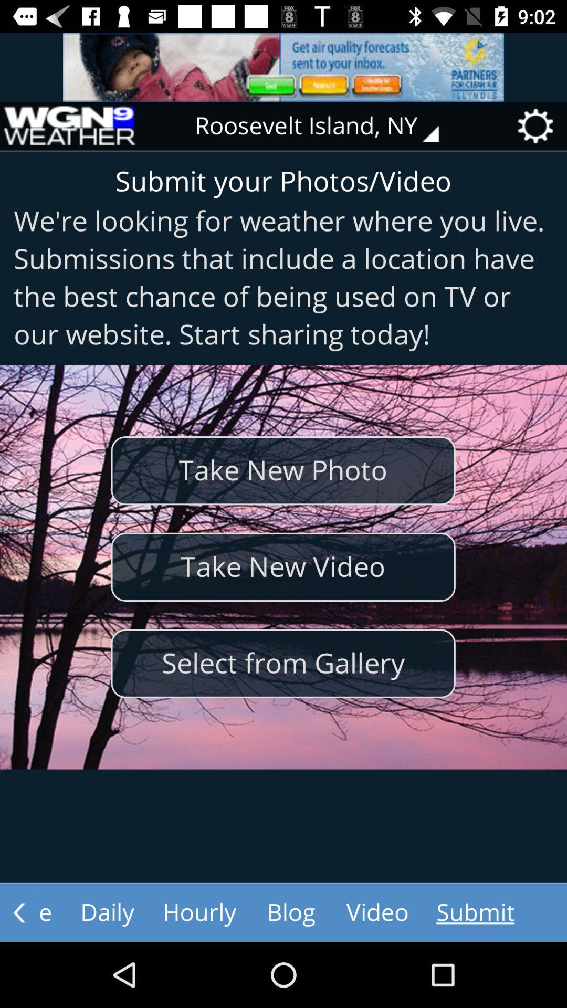 This screenshot has height=1008, width=567. Describe the element at coordinates (19, 912) in the screenshot. I see `go back` at that location.